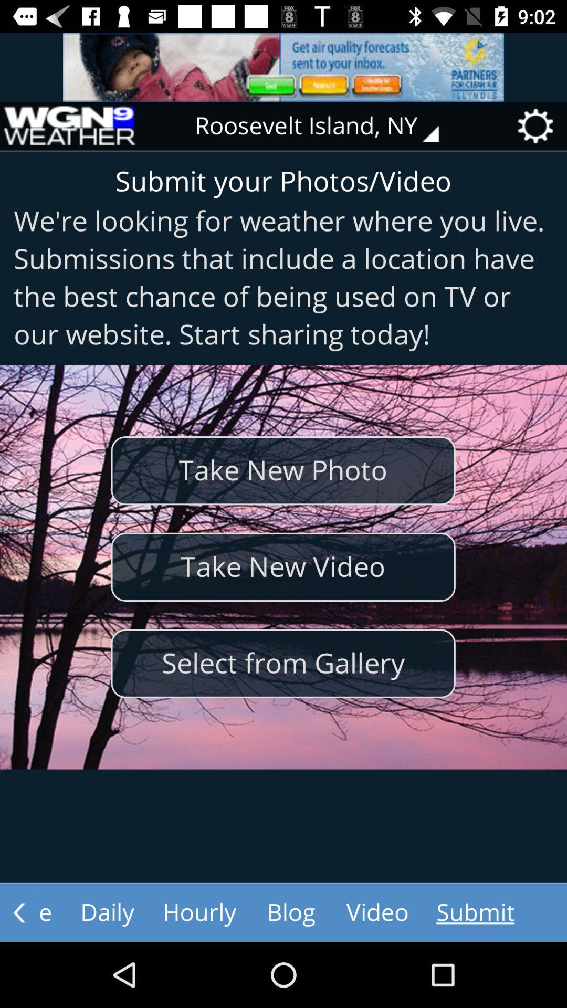 This screenshot has height=1008, width=567. Describe the element at coordinates (19, 912) in the screenshot. I see `go back` at that location.